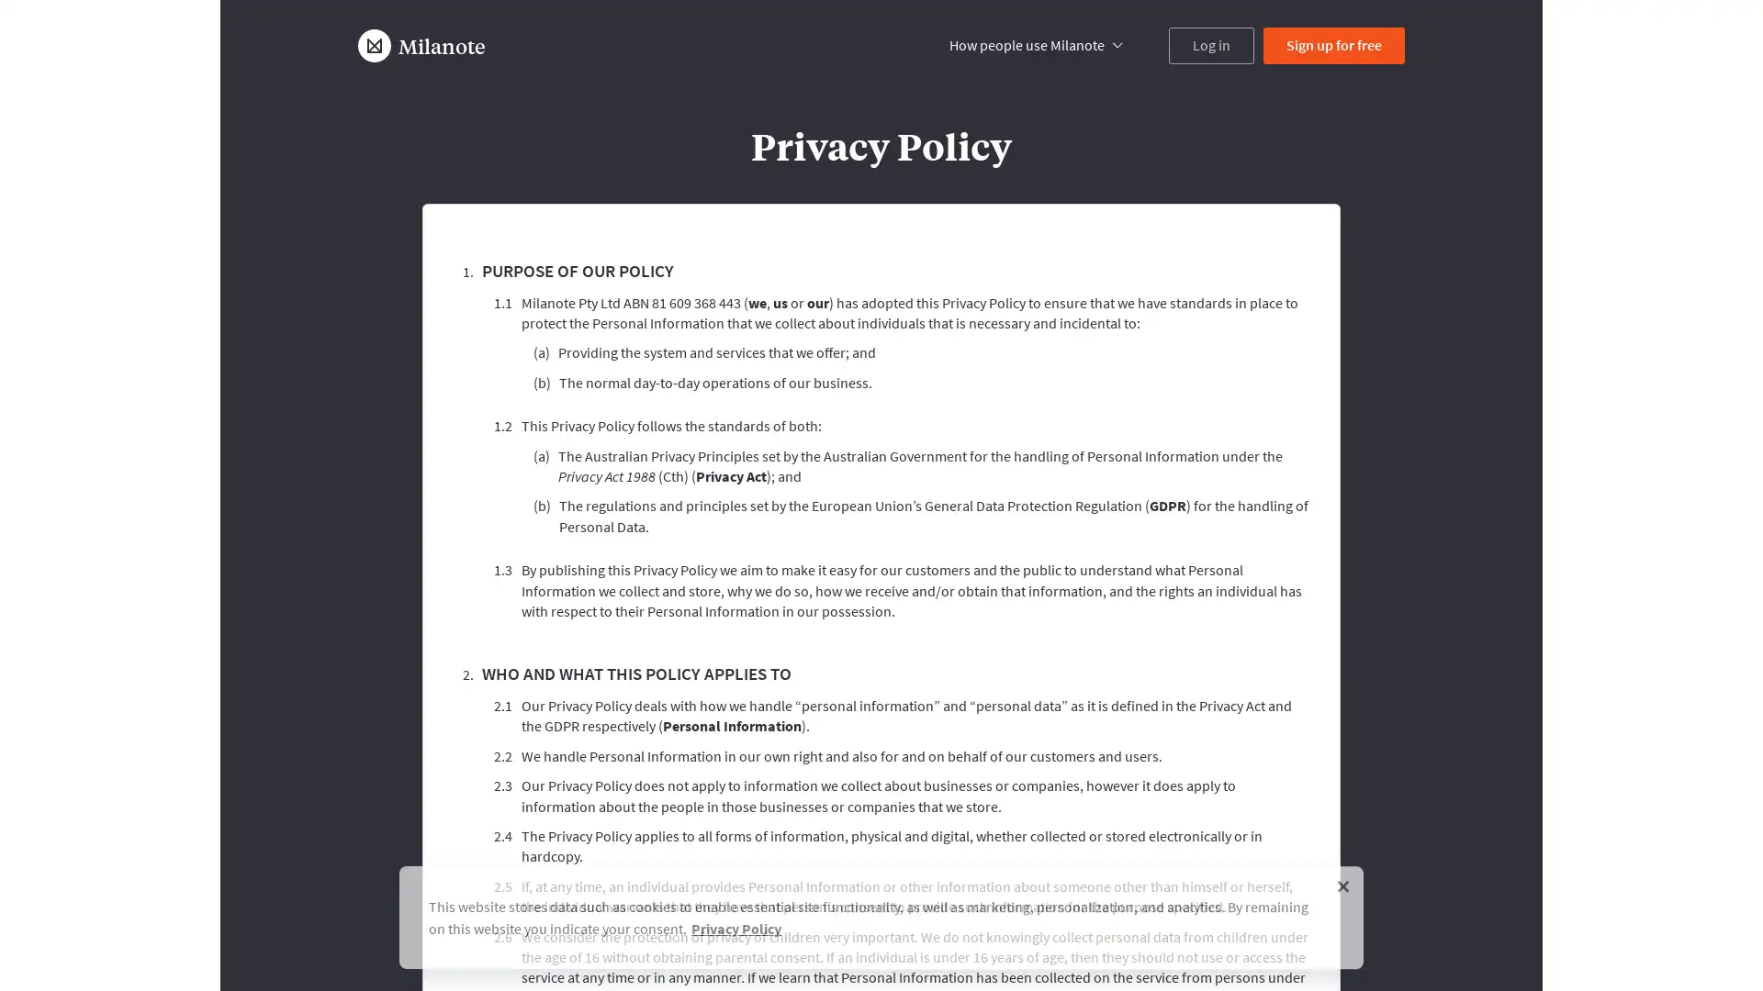 The width and height of the screenshot is (1763, 991). What do you see at coordinates (1343, 880) in the screenshot?
I see `Close` at bounding box center [1343, 880].